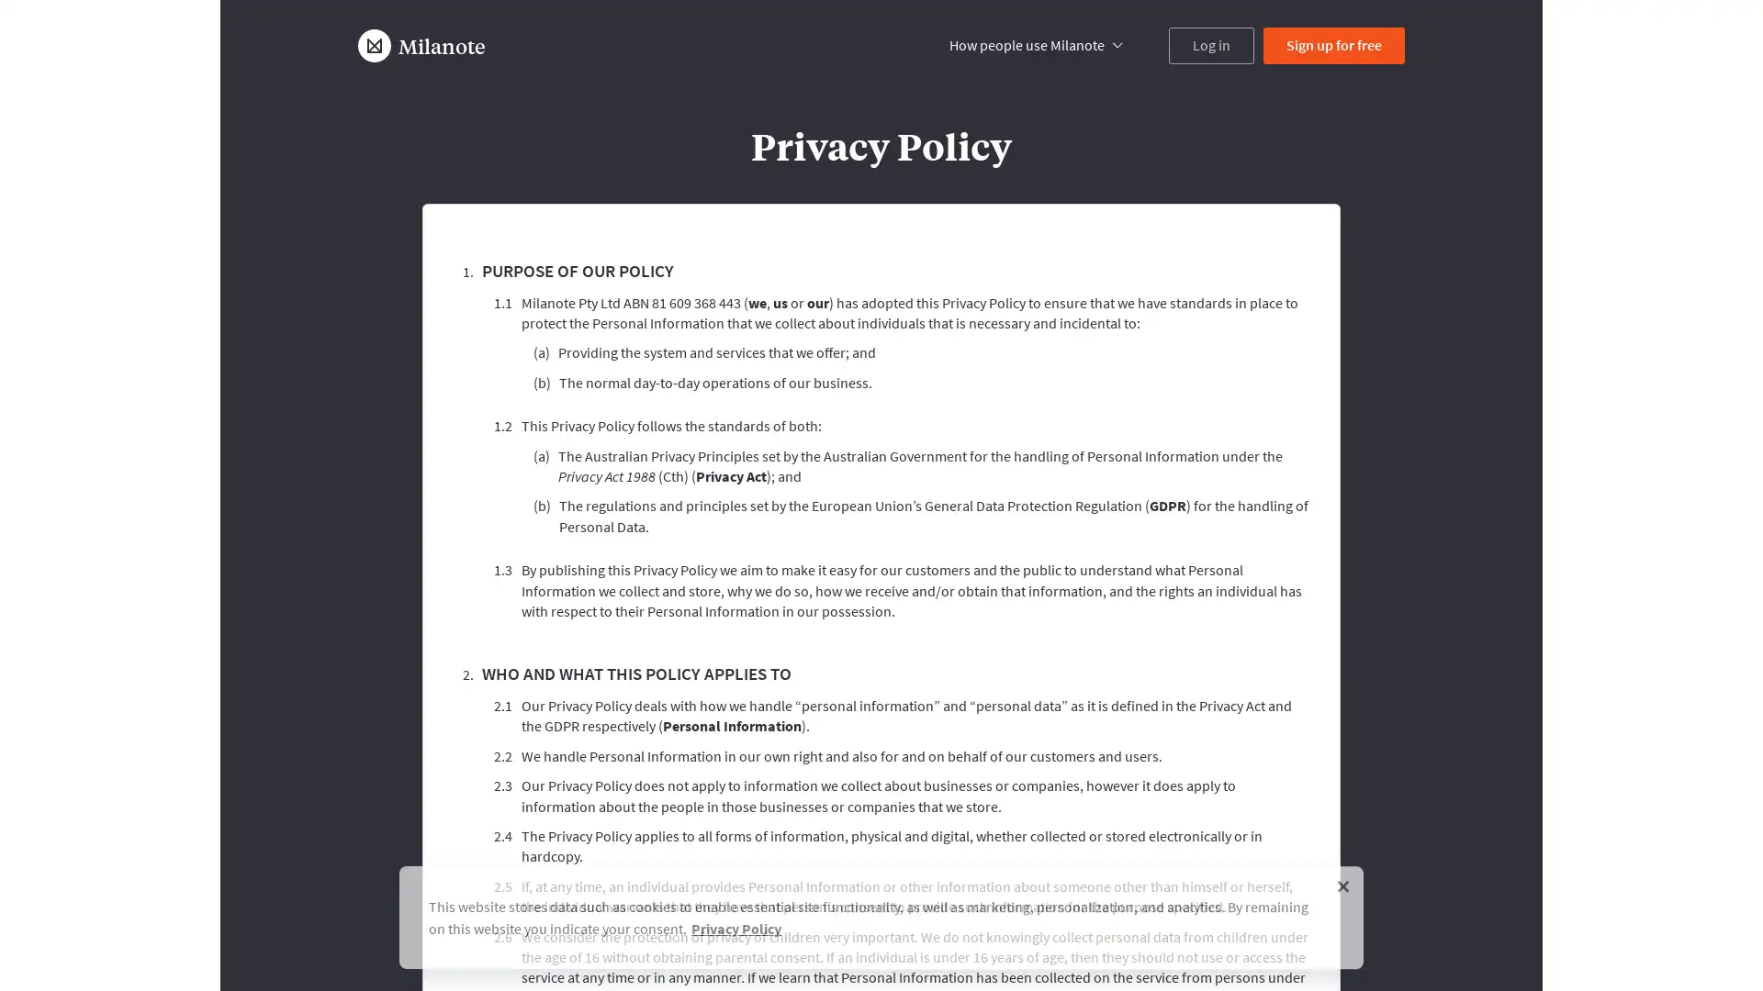 The width and height of the screenshot is (1763, 991). What do you see at coordinates (1343, 880) in the screenshot?
I see `Close` at bounding box center [1343, 880].